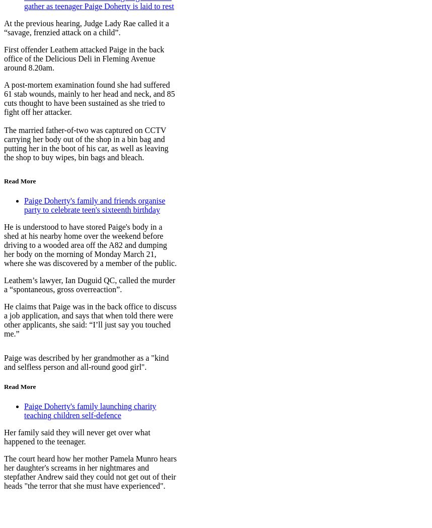 The height and width of the screenshot is (528, 432). Describe the element at coordinates (4, 27) in the screenshot. I see `'At the previous hearing, Judge Lady Rae called it a “savage, frenzied attack on a child”.'` at that location.